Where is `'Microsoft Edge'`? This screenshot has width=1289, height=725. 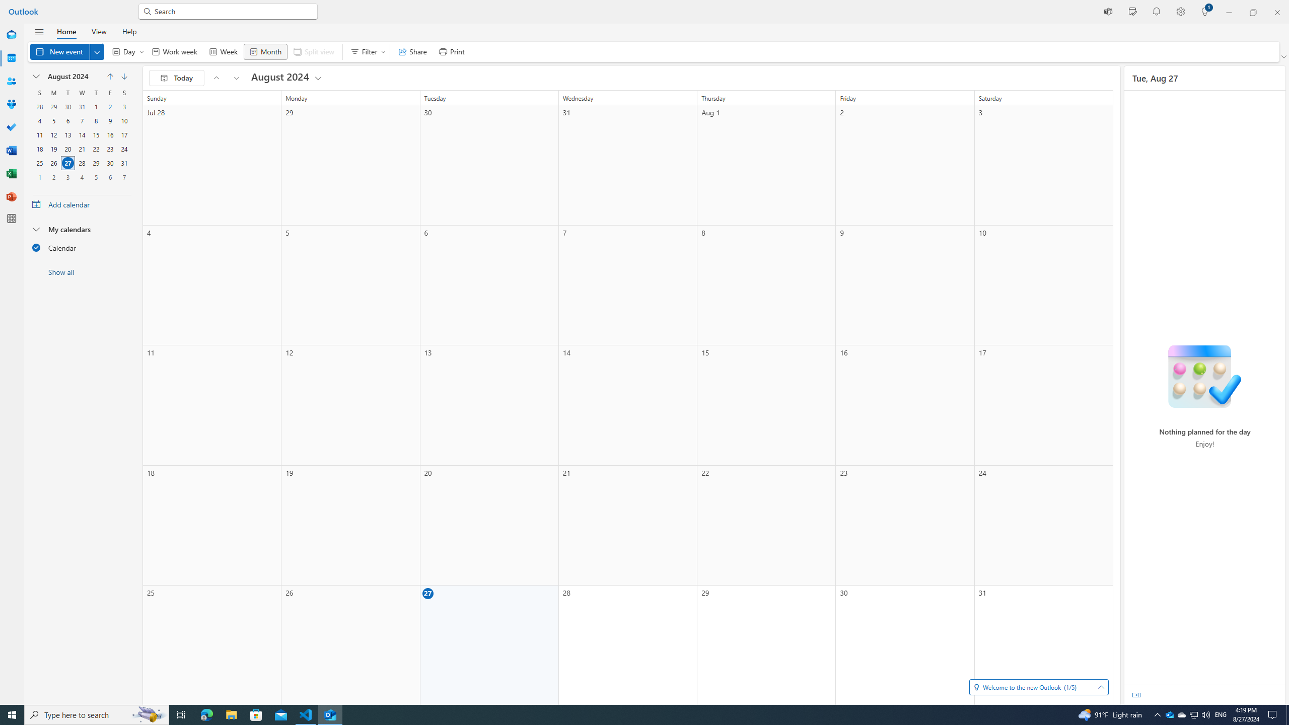
'Microsoft Edge' is located at coordinates (206, 714).